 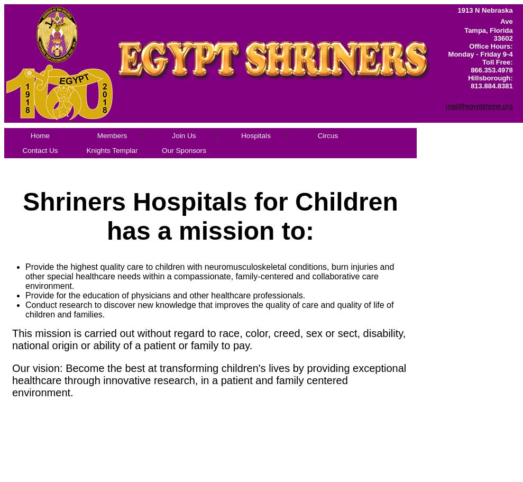 What do you see at coordinates (484, 15) in the screenshot?
I see `'1913 N Nebraska Ave'` at bounding box center [484, 15].